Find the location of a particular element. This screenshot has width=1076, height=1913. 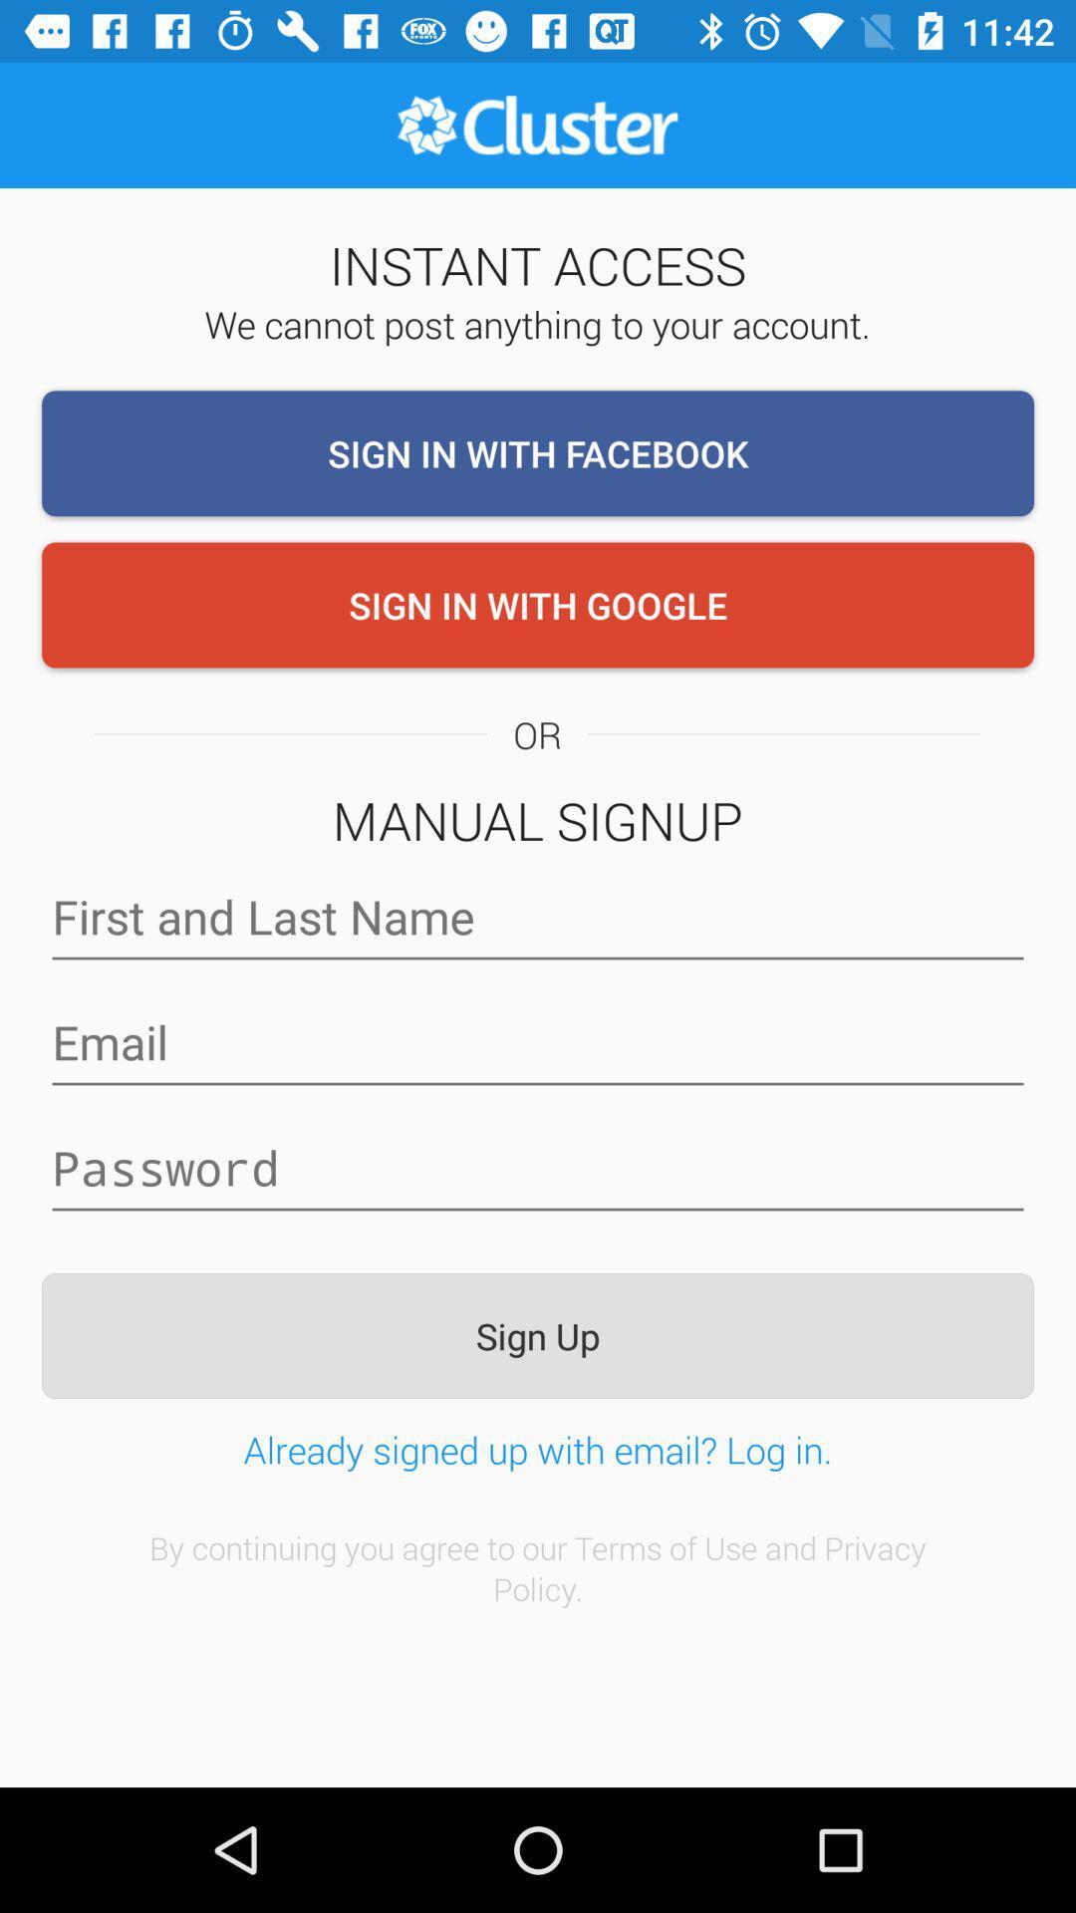

password credentials is located at coordinates (538, 1168).